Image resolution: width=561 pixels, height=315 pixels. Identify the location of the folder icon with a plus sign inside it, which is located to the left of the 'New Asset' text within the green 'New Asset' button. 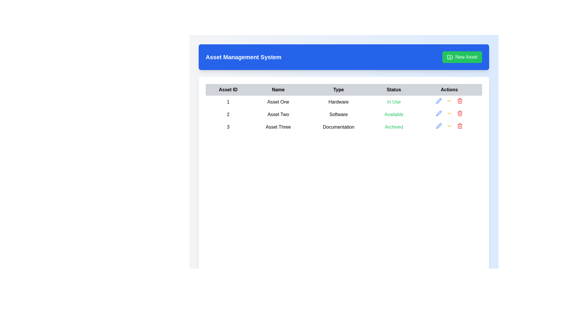
(450, 57).